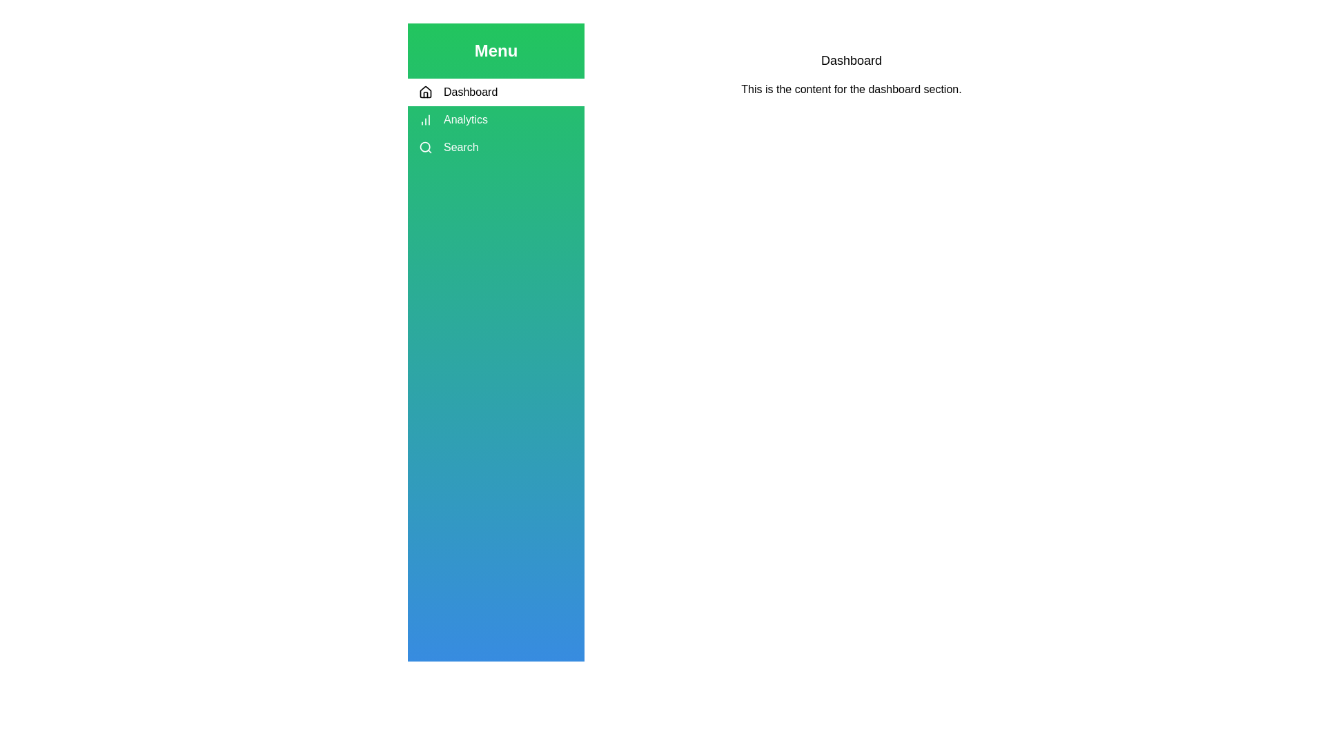 This screenshot has height=745, width=1325. I want to click on the tab labeled Dashboard to view its hover effects, so click(496, 92).